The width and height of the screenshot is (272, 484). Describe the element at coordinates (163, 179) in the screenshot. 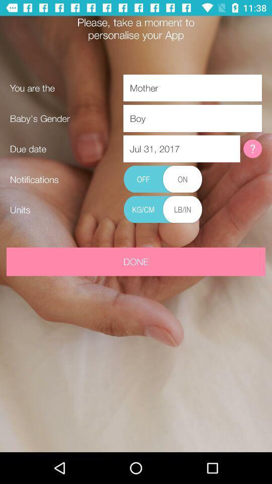

I see `notifications` at that location.